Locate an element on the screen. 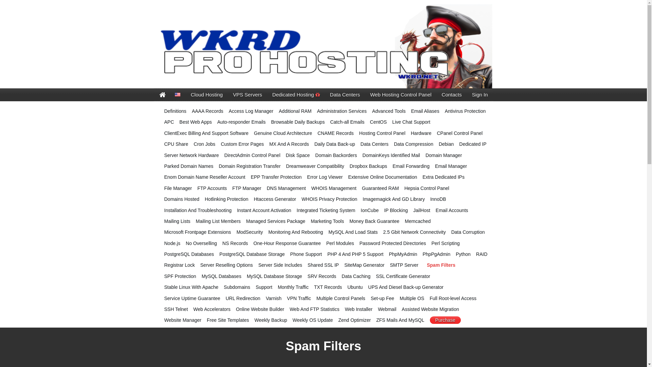  'Money Back Guarantee' is located at coordinates (349, 221).